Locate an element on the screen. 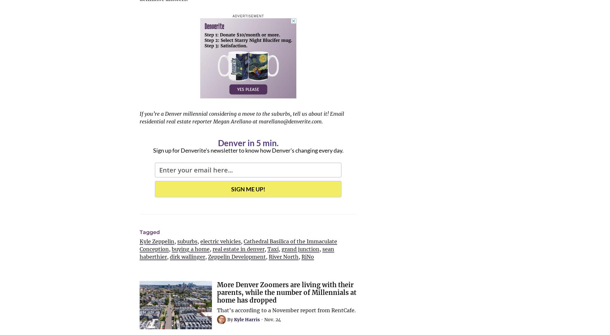 This screenshot has height=335, width=610. 'Nov. 24' is located at coordinates (272, 320).